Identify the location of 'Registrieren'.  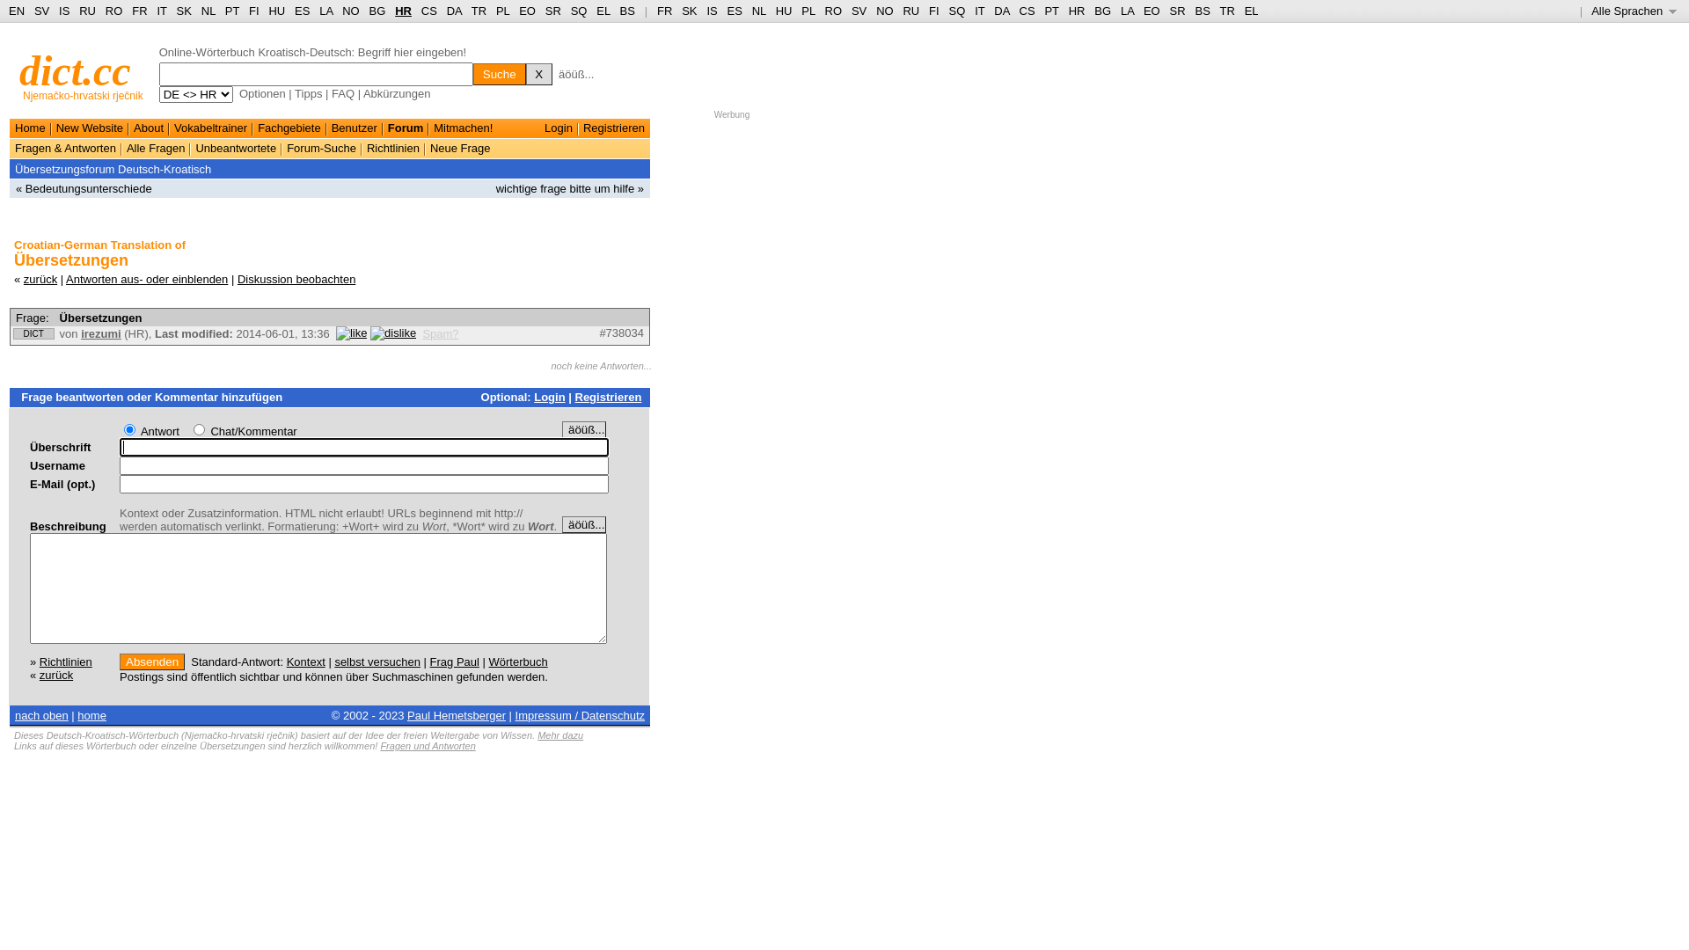
(608, 397).